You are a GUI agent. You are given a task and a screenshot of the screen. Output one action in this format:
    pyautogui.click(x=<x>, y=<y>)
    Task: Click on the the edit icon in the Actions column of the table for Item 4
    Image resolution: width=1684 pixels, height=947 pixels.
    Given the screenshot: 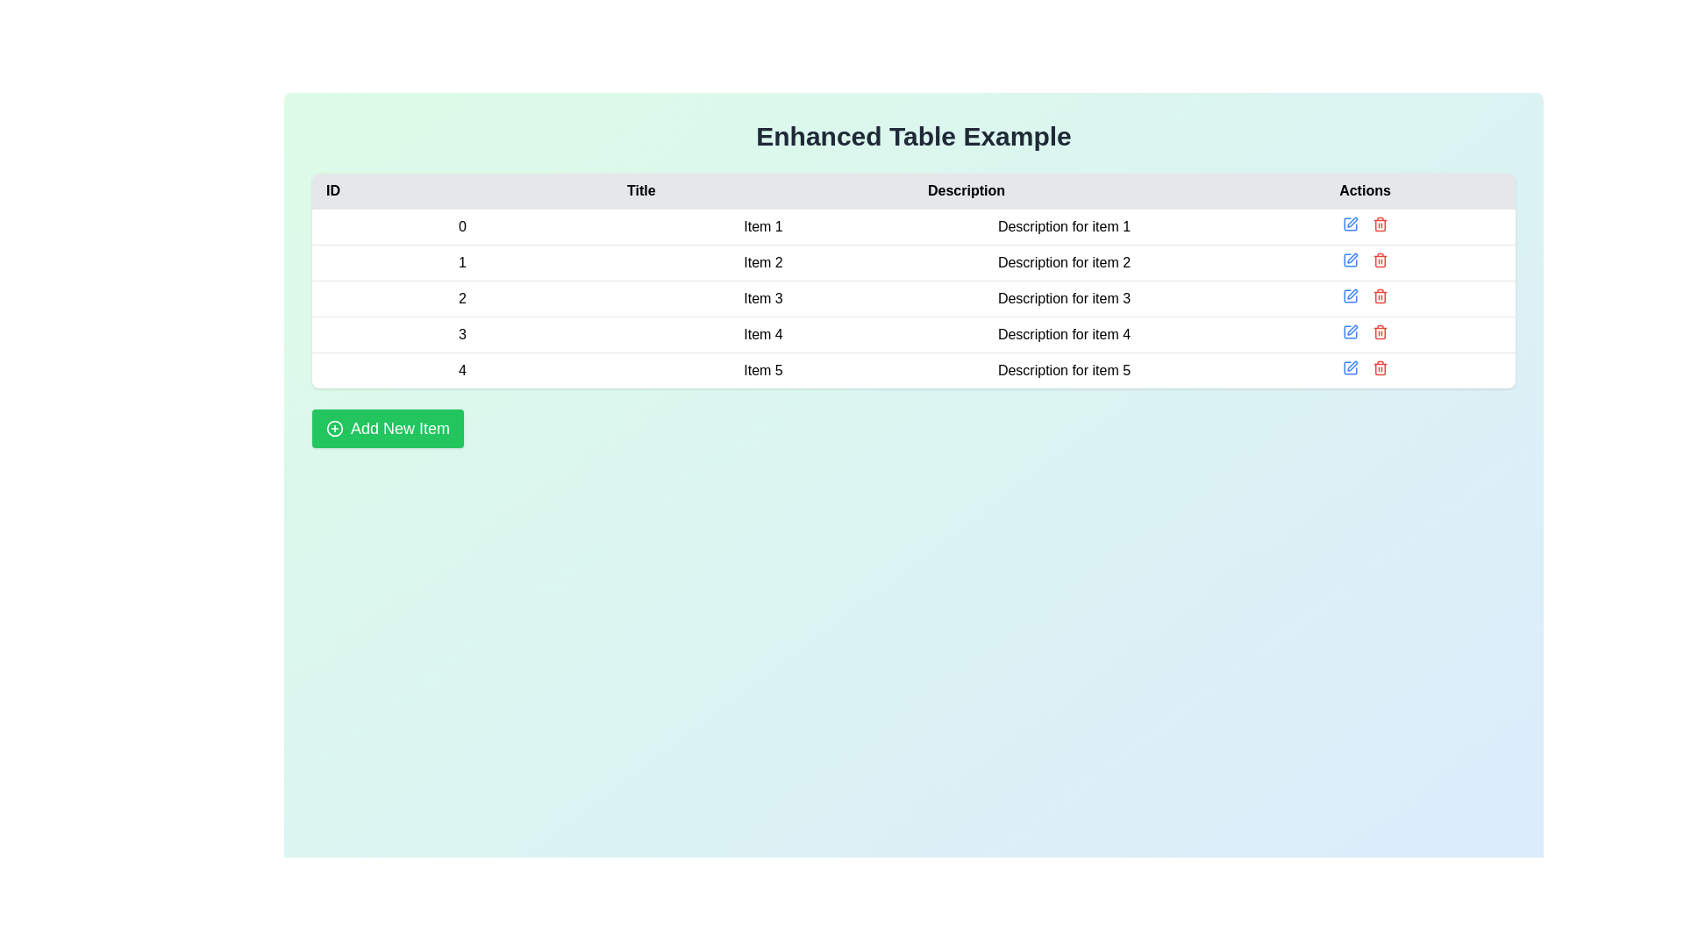 What is the action you would take?
    pyautogui.click(x=1351, y=330)
    